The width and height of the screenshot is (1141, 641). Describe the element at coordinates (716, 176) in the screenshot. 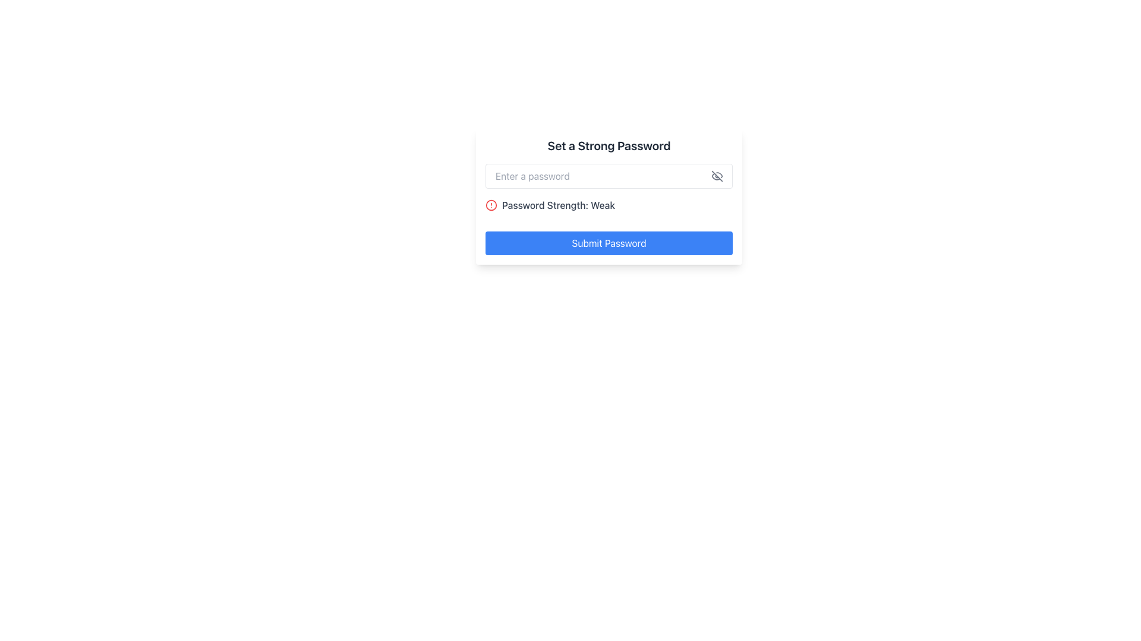

I see `the eye icon button that toggles visibility for the password input field` at that location.